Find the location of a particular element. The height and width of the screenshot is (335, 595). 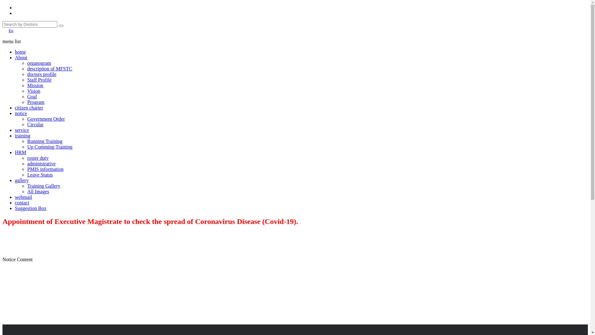

'About' is located at coordinates (21, 57).